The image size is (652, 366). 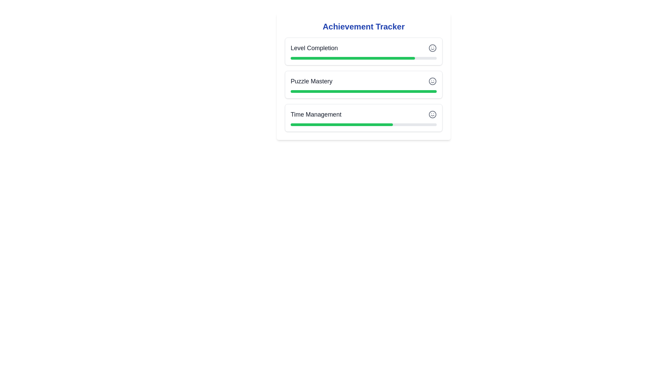 I want to click on the Progress information card that displays the user's progress in the 'Puzzle Mastery' category, located below 'Level Completion' and above 'Time Management', so click(x=363, y=84).